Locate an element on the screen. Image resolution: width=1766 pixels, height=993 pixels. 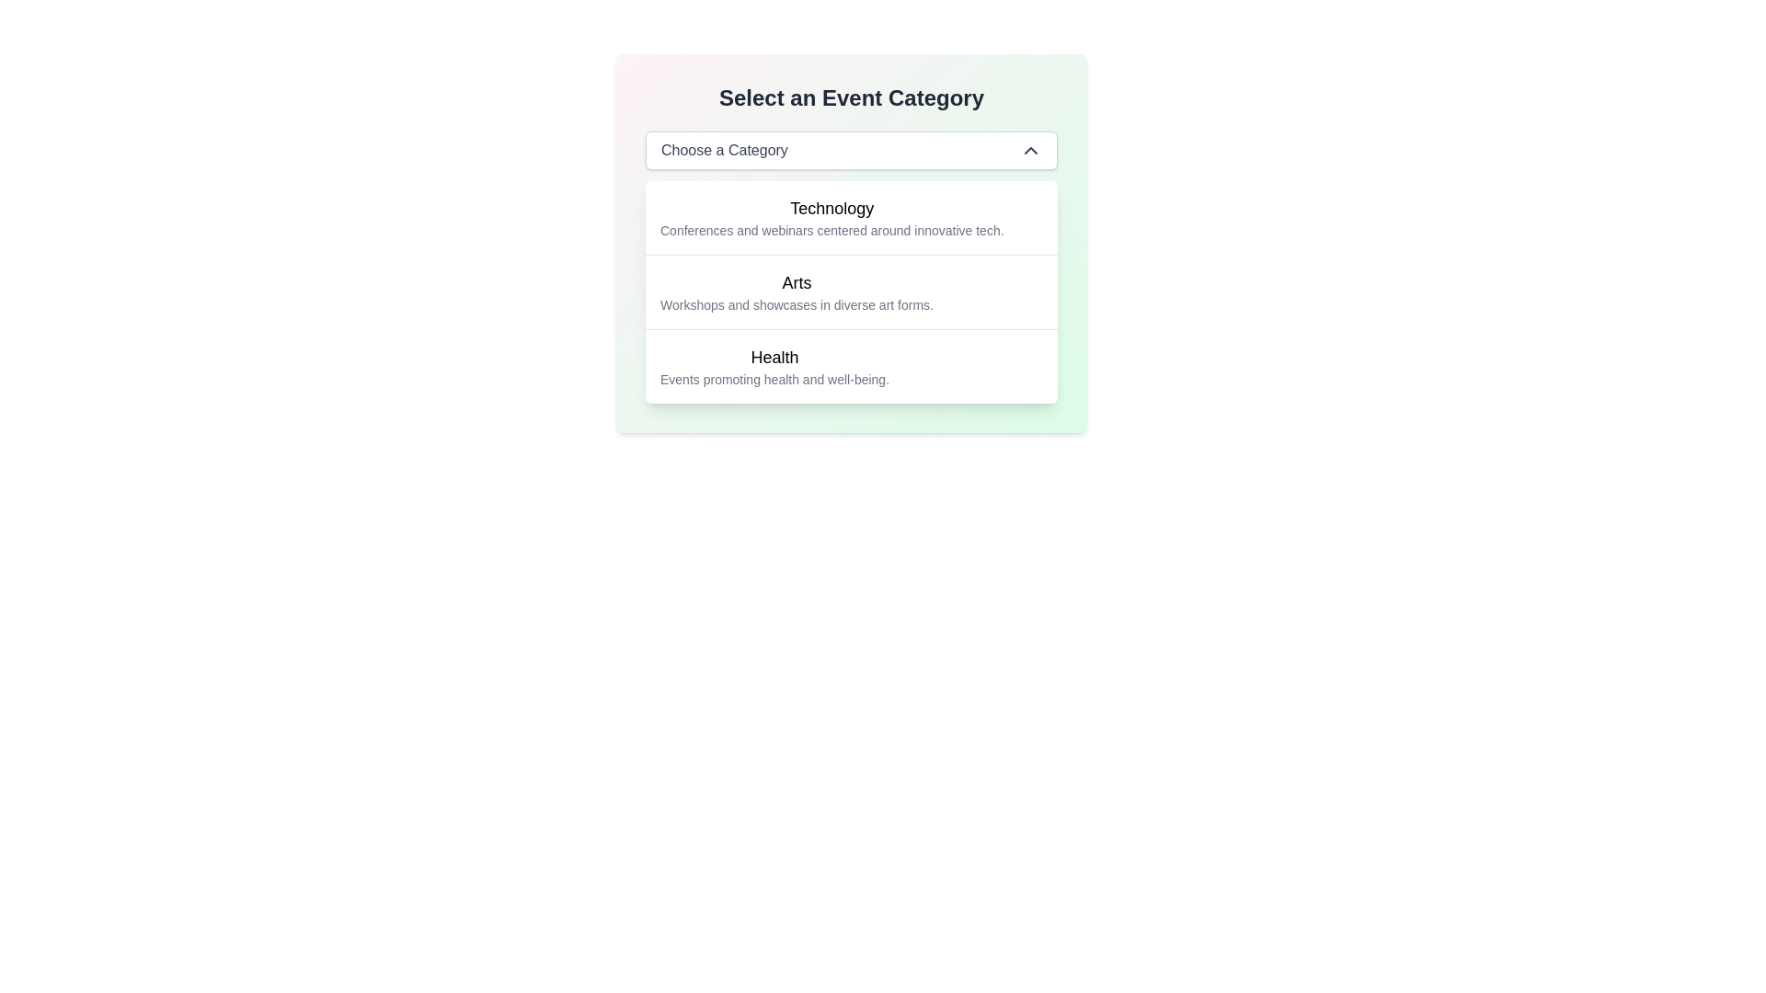
the text element styled in small gray font located directly beneath the header 'Technology' is located at coordinates (831, 229).